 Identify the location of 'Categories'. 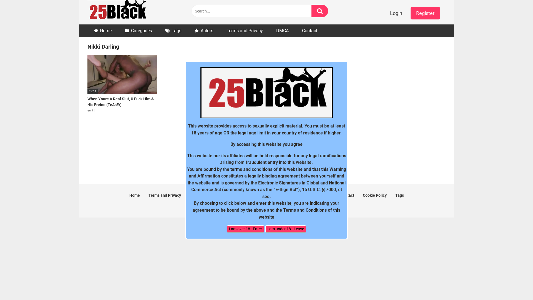
(138, 31).